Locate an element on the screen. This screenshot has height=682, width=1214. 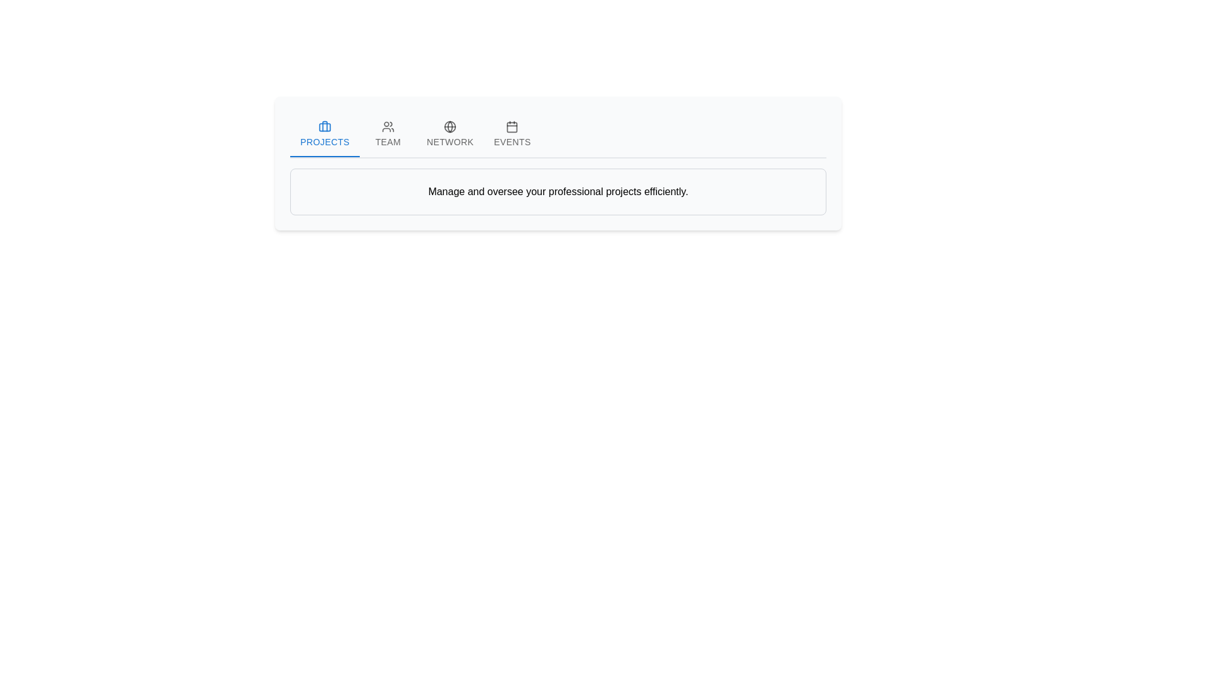
the 'Projects' tab button, which is the first tab in a horizontal list, styled in blue with a briefcase icon above the text is located at coordinates (324, 134).